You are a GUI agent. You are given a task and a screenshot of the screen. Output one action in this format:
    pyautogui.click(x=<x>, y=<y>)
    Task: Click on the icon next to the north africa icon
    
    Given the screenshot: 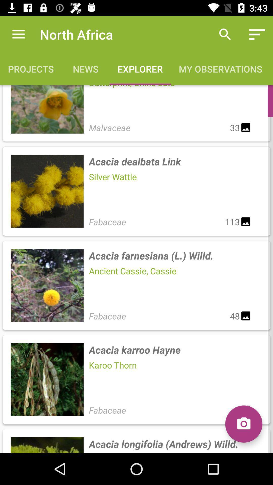 What is the action you would take?
    pyautogui.click(x=18, y=34)
    